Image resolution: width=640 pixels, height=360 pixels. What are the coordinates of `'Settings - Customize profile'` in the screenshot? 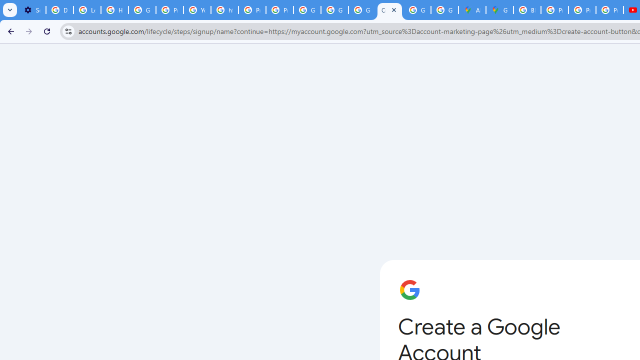 It's located at (32, 10).